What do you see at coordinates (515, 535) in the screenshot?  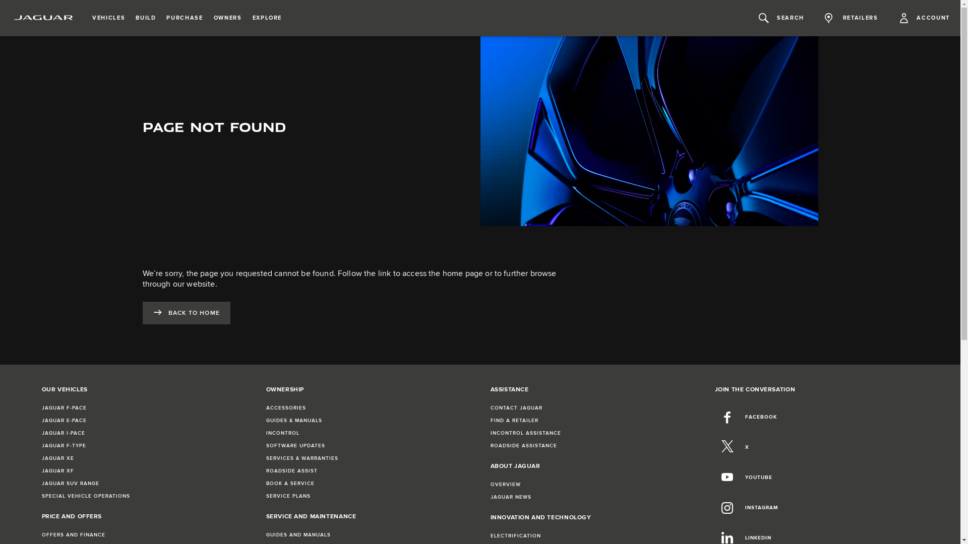 I see `'ELECTRIFICATION'` at bounding box center [515, 535].